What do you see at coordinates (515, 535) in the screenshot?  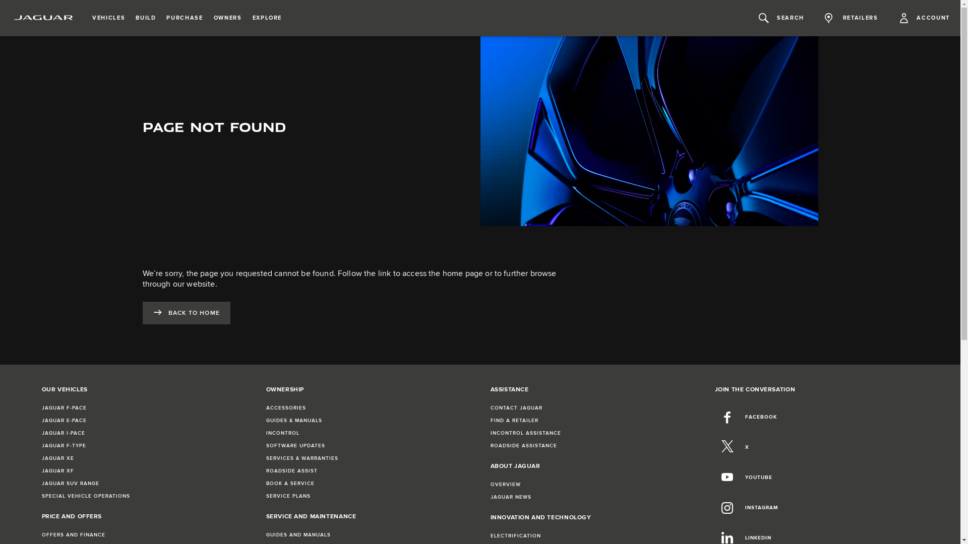 I see `'ELECTRIFICATION'` at bounding box center [515, 535].